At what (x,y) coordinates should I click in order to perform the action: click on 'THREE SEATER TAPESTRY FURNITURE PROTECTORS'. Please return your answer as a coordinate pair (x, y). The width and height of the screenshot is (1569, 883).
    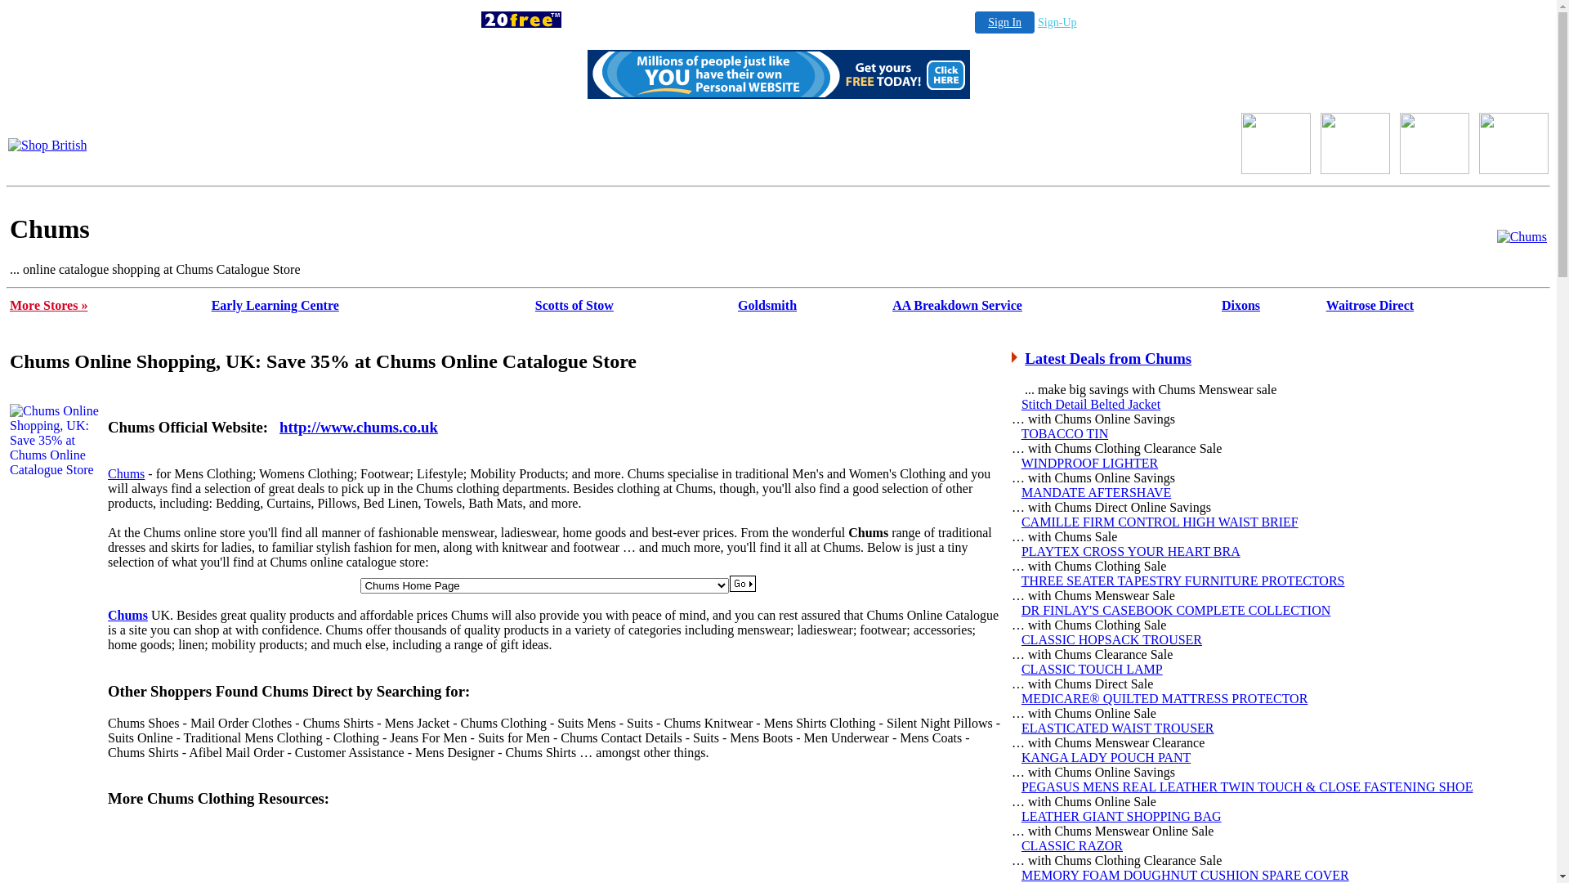
    Looking at the image, I should click on (1183, 580).